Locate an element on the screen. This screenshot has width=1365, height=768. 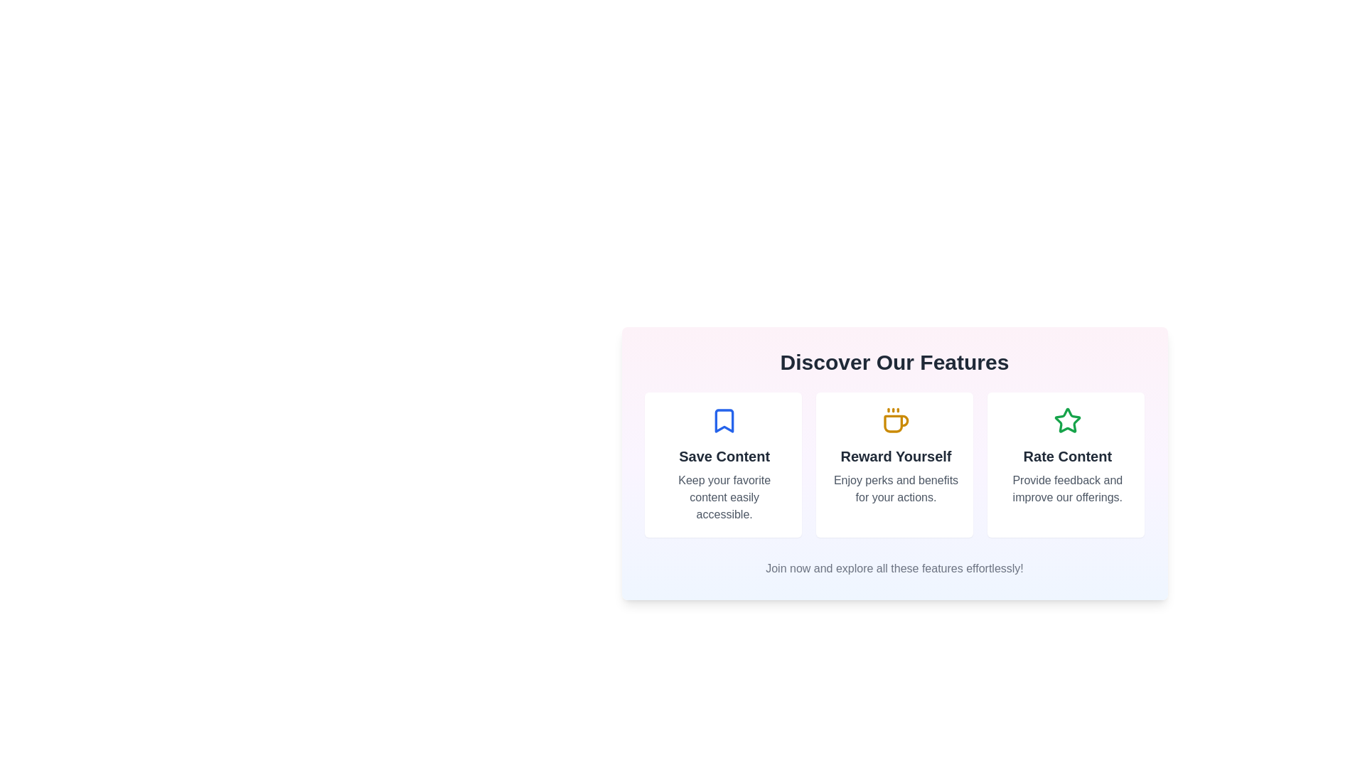
the descriptive text block reading 'Provide feedback and improve our offerings' located below the heading 'Rate Content' is located at coordinates (1067, 488).